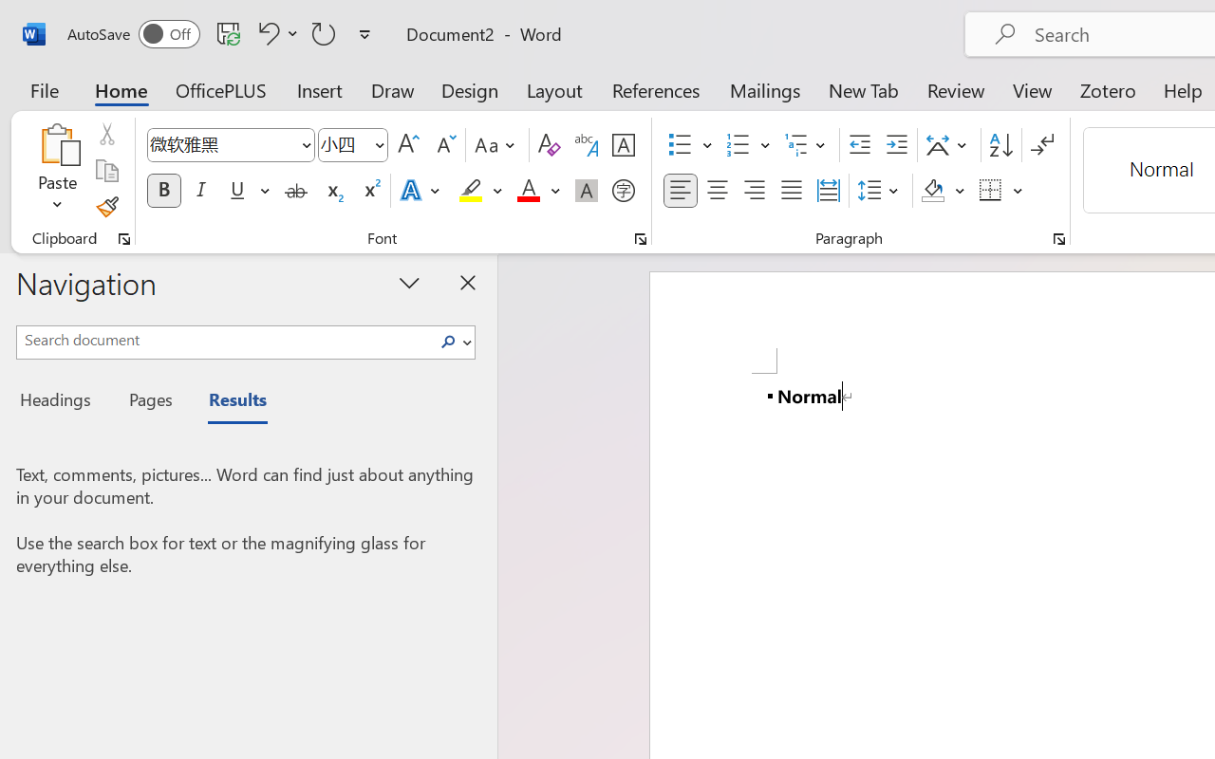  Describe the element at coordinates (392, 89) in the screenshot. I see `'Draw'` at that location.